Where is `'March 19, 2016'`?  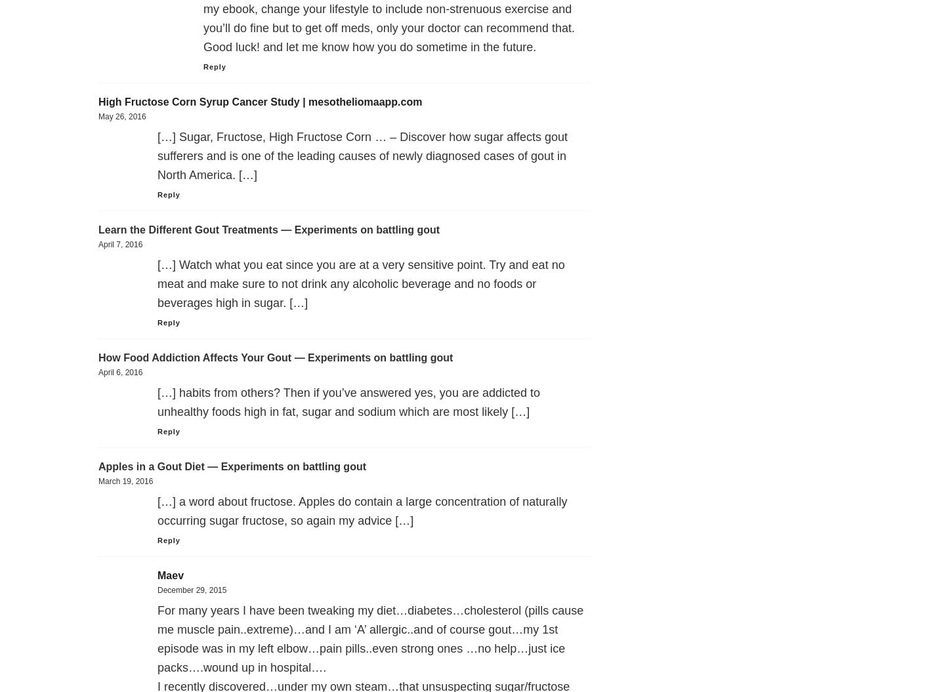
'March 19, 2016' is located at coordinates (125, 481).